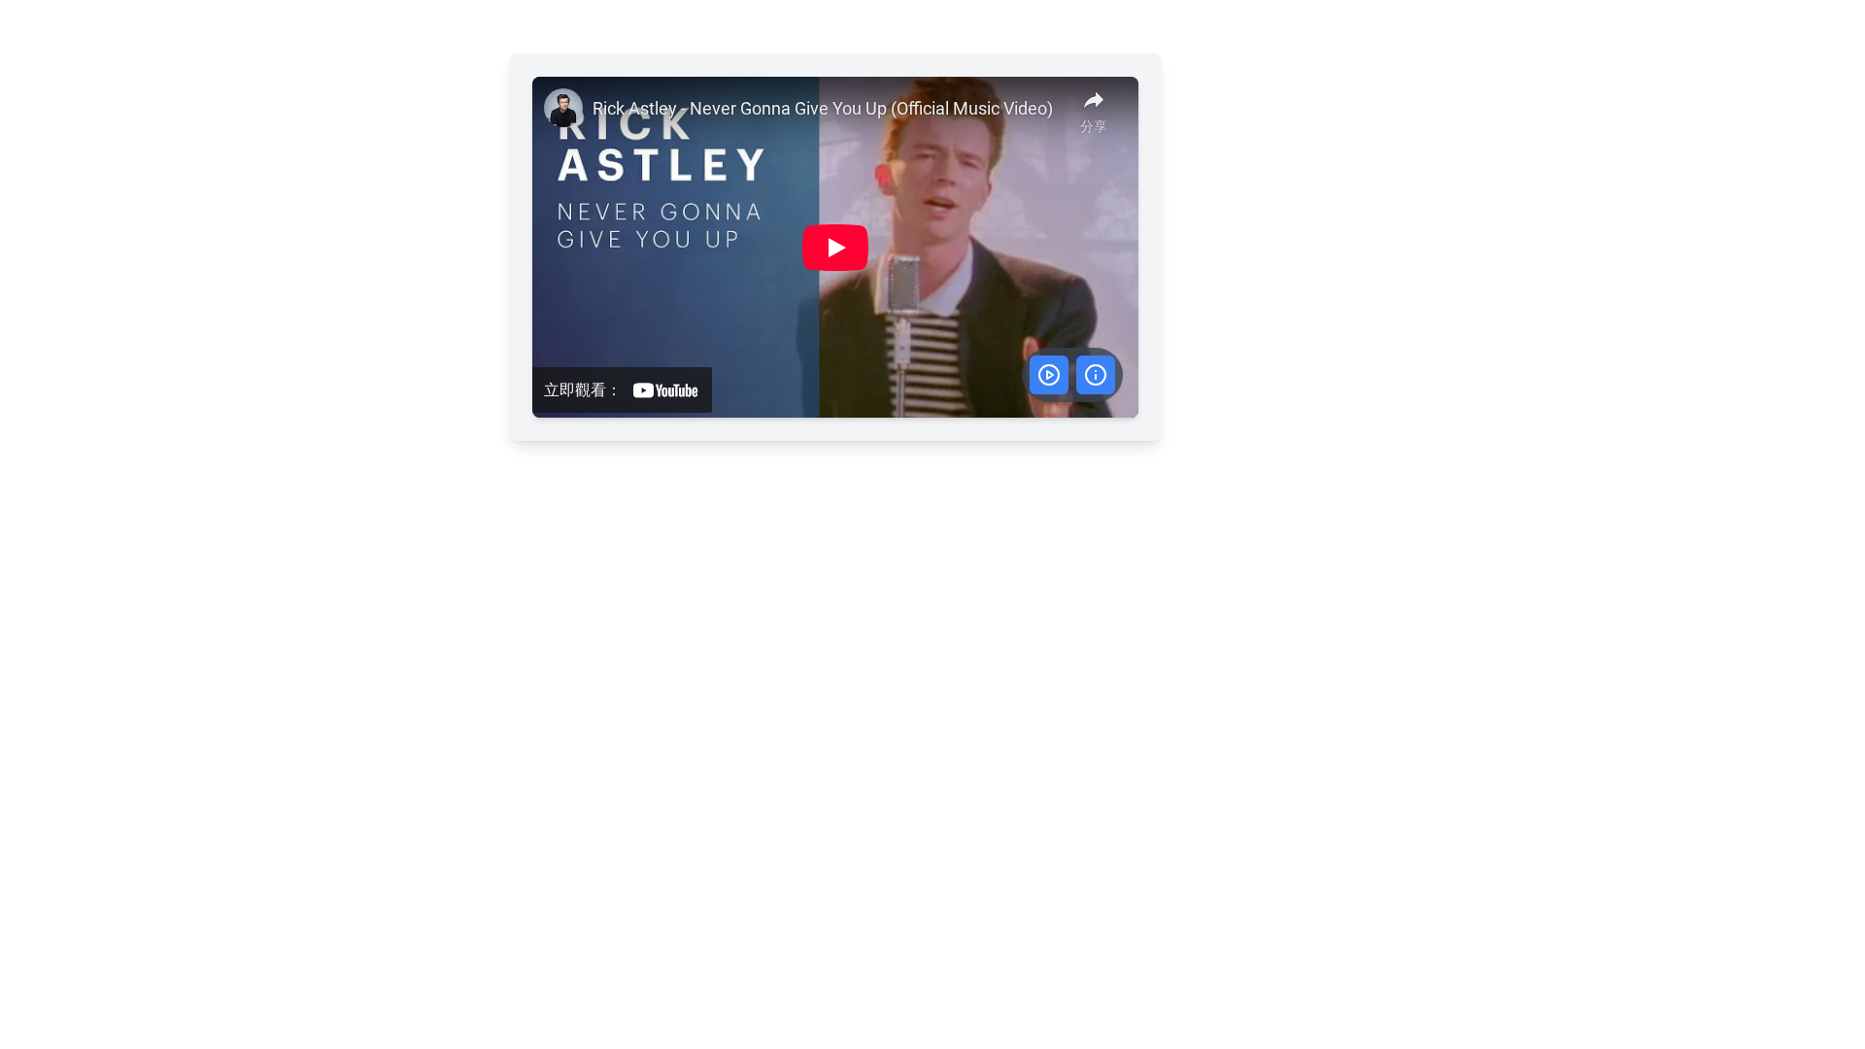 The width and height of the screenshot is (1865, 1049). Describe the element at coordinates (1070, 374) in the screenshot. I see `the info icon in the Interactive Button Group located at the bottom-right corner of the video display area` at that location.